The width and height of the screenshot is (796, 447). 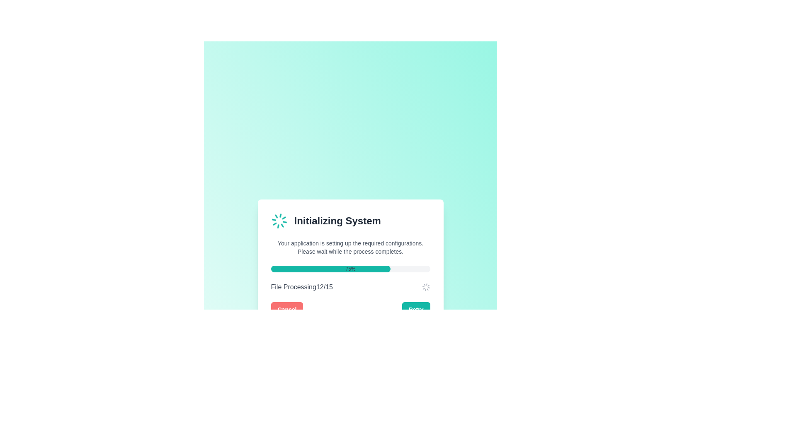 What do you see at coordinates (350, 247) in the screenshot?
I see `the informational Text Block located below the 'Initializing System' header and above the progress bar, indicating 75% completion` at bounding box center [350, 247].